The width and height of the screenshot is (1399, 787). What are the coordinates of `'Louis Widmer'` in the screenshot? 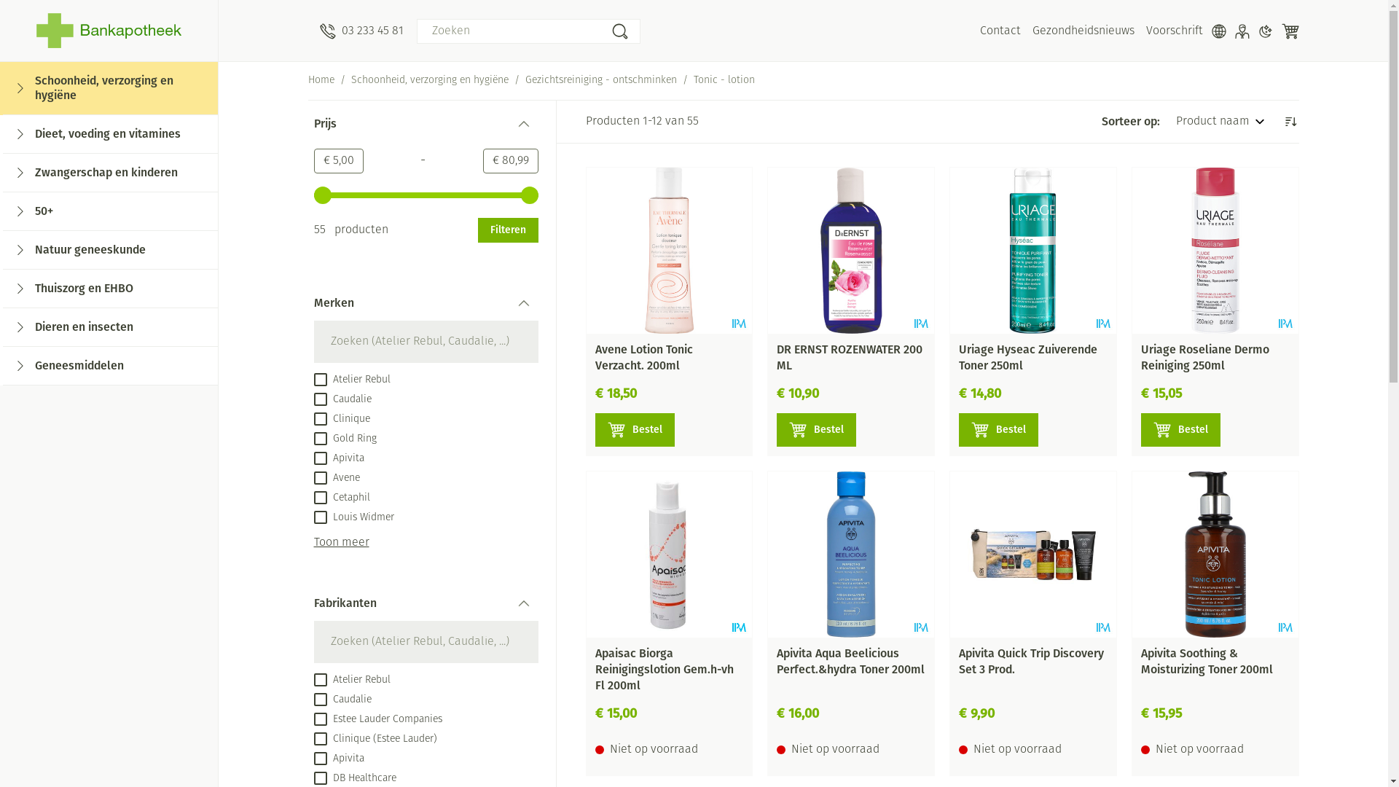 It's located at (353, 516).